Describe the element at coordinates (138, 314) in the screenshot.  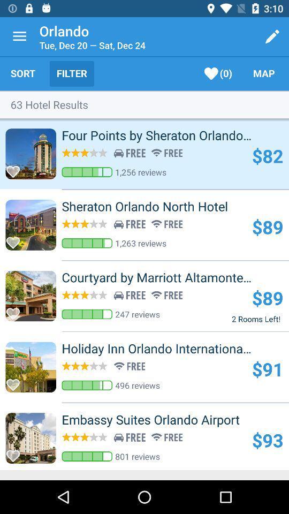
I see `247 reviews` at that location.